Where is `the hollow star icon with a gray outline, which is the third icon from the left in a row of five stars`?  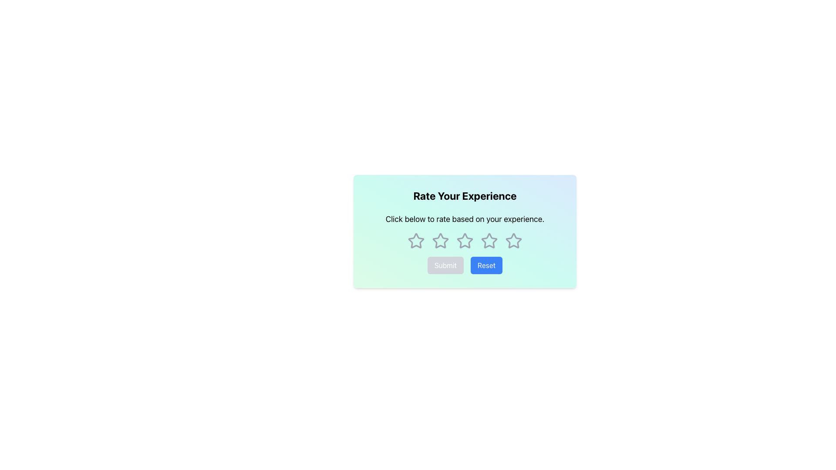 the hollow star icon with a gray outline, which is the third icon from the left in a row of five stars is located at coordinates (465, 241).